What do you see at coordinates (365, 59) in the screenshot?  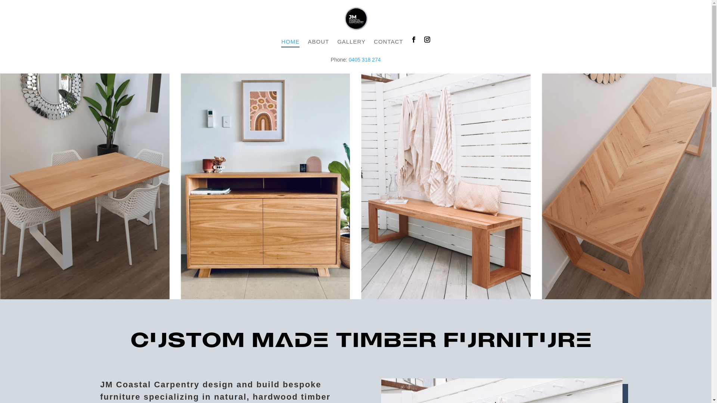 I see `'0405 318 274'` at bounding box center [365, 59].